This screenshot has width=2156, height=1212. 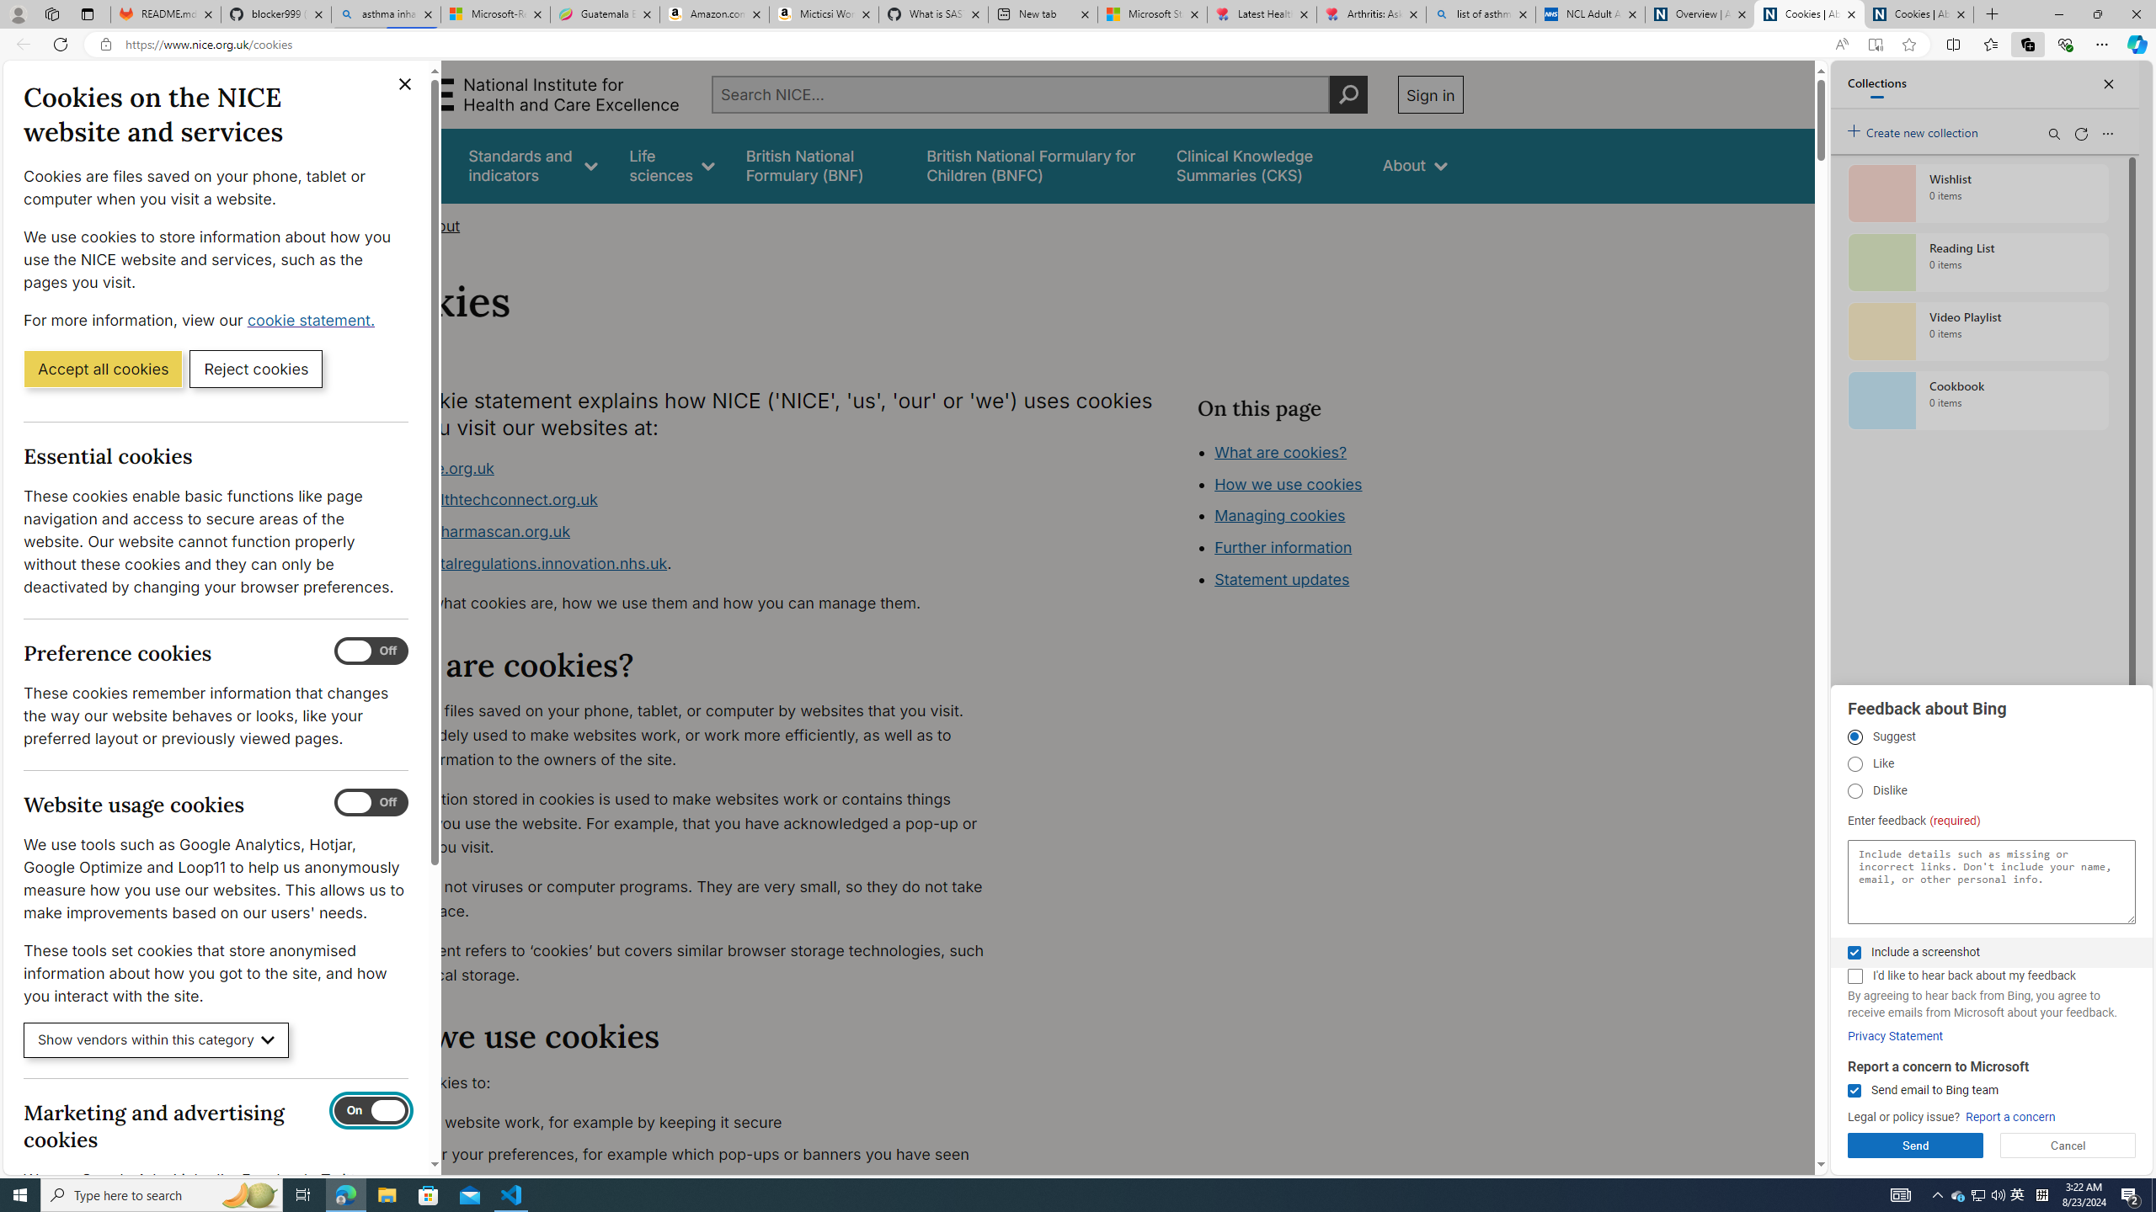 What do you see at coordinates (1280, 580) in the screenshot?
I see `'Statement updates'` at bounding box center [1280, 580].